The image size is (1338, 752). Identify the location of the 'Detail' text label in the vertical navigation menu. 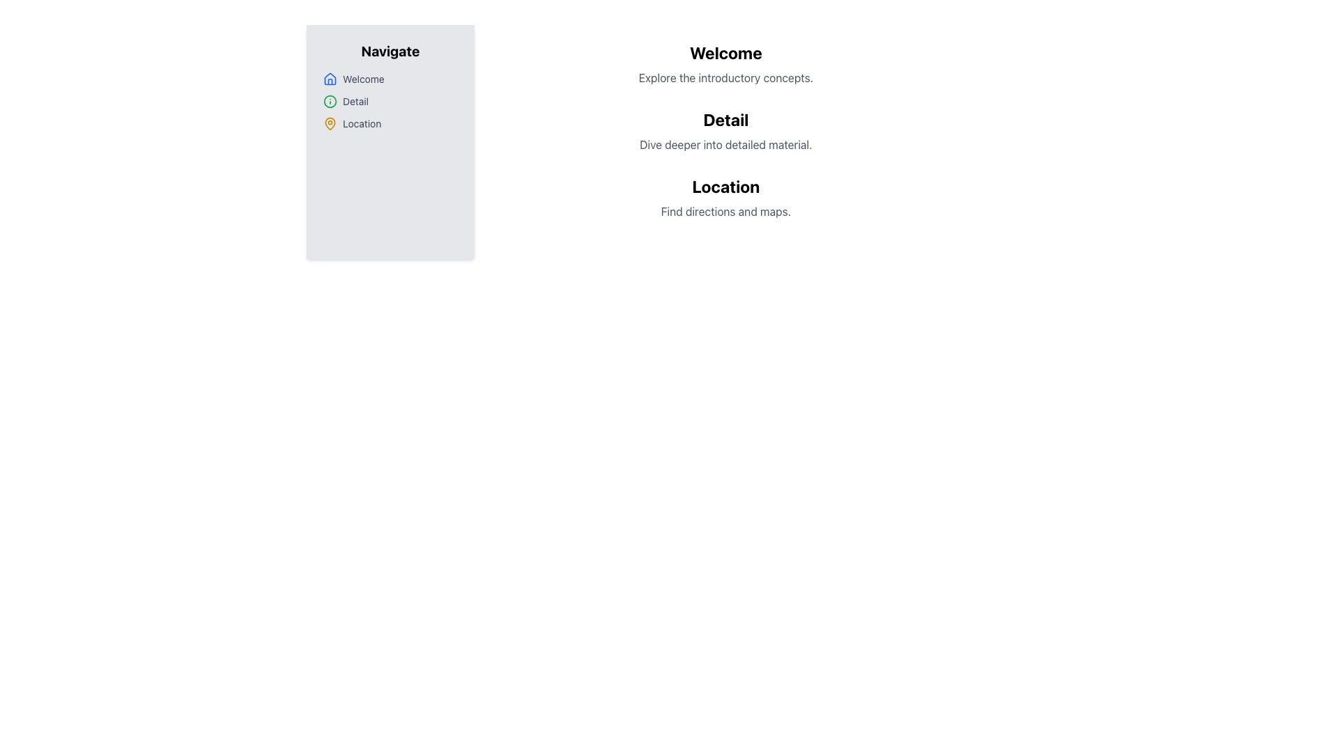
(355, 101).